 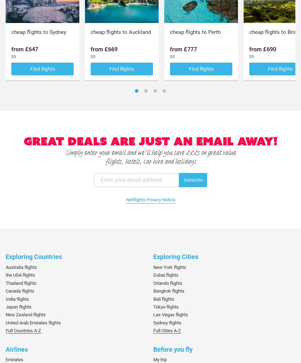 I want to click on 'My trip', so click(x=160, y=359).